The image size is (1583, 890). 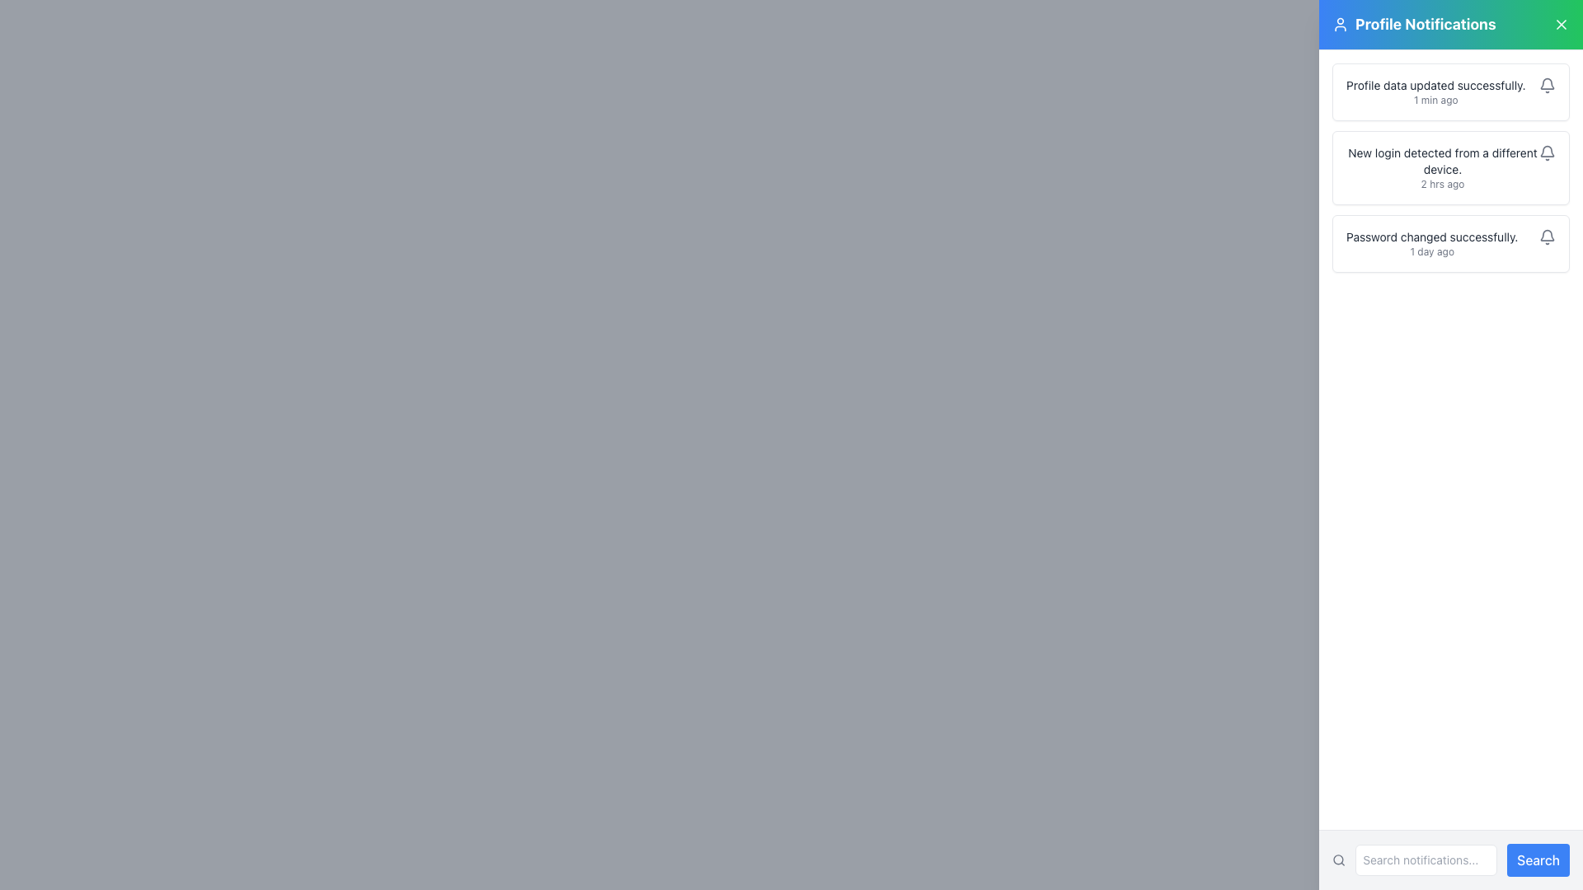 I want to click on the text label that displays 'Profile data updated successfully.' in the notification panel located on the right side of the interface, so click(x=1435, y=86).